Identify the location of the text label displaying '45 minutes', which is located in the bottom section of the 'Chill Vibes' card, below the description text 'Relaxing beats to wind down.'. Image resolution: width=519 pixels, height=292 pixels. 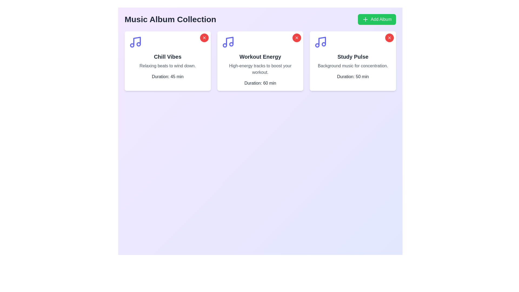
(167, 77).